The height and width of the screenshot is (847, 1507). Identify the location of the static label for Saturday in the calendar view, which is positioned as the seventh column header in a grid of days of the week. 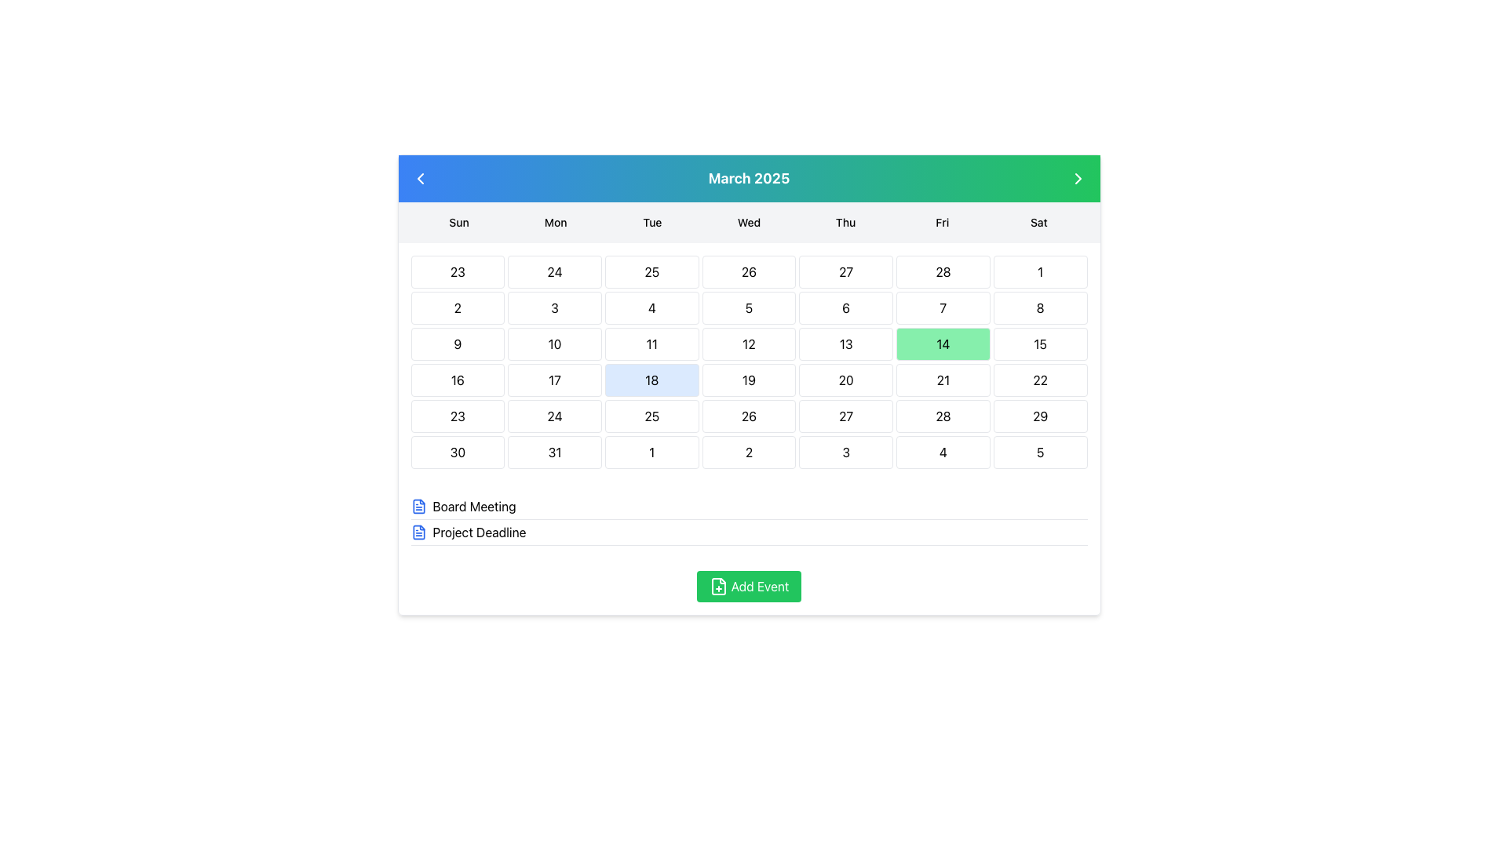
(1038, 223).